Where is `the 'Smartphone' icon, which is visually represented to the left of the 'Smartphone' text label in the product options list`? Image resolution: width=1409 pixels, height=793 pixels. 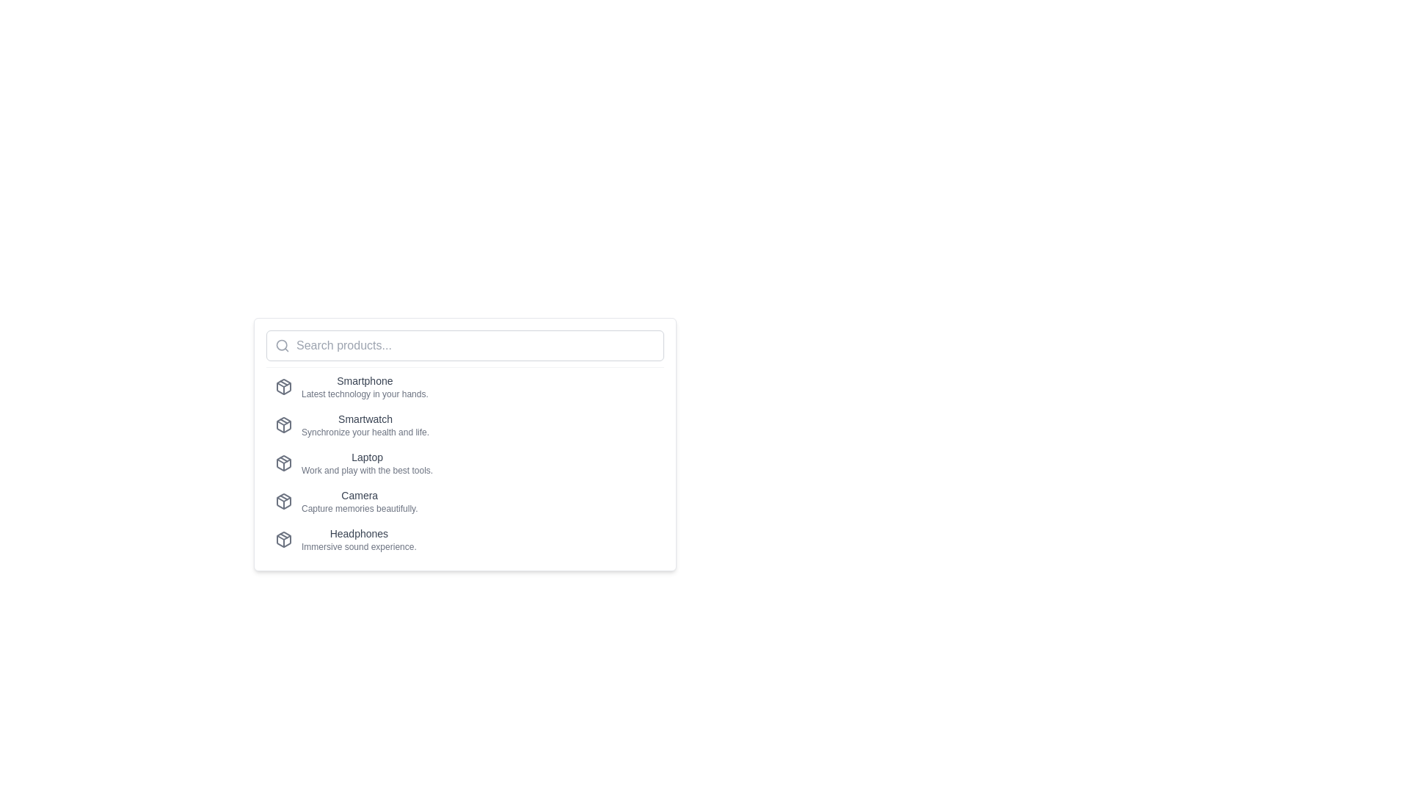
the 'Smartphone' icon, which is visually represented to the left of the 'Smartphone' text label in the product options list is located at coordinates (284, 386).